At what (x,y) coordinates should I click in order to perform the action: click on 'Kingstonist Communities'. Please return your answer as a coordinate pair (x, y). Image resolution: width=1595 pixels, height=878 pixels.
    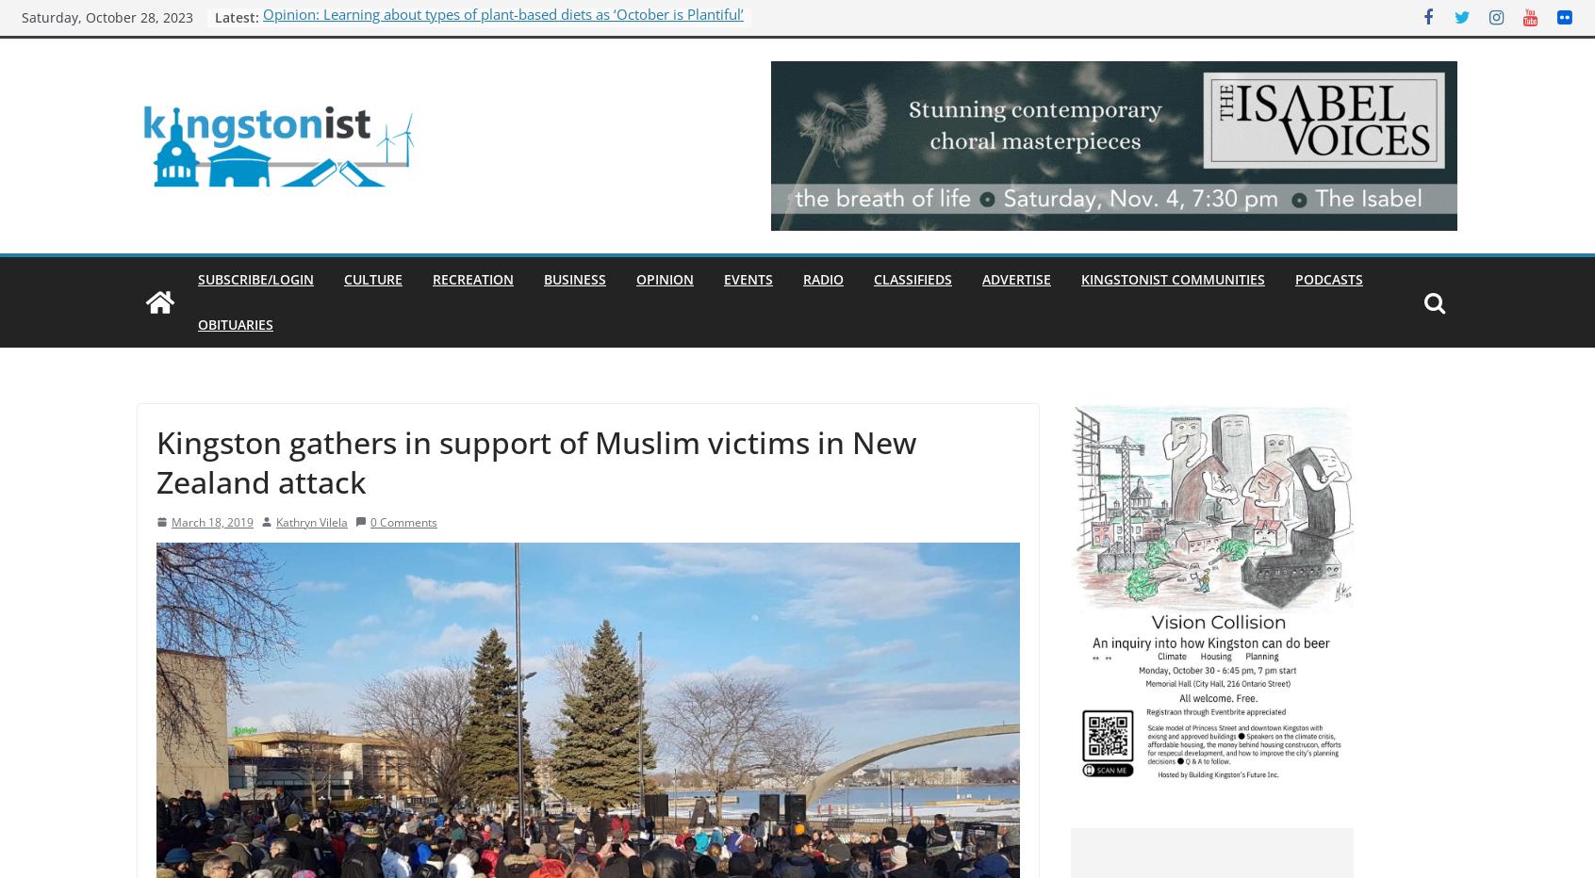
    Looking at the image, I should click on (1173, 279).